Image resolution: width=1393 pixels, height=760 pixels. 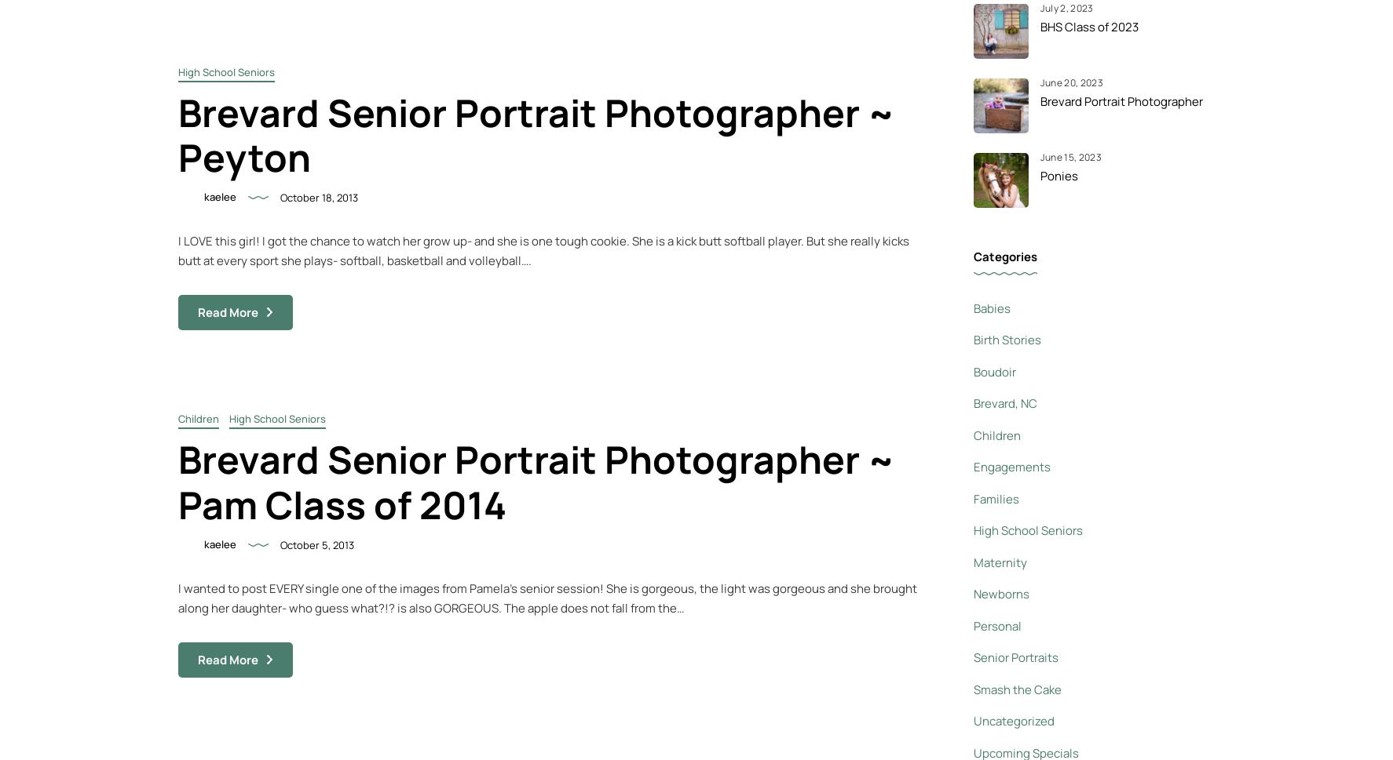 What do you see at coordinates (972, 688) in the screenshot?
I see `'Smash the Cake'` at bounding box center [972, 688].